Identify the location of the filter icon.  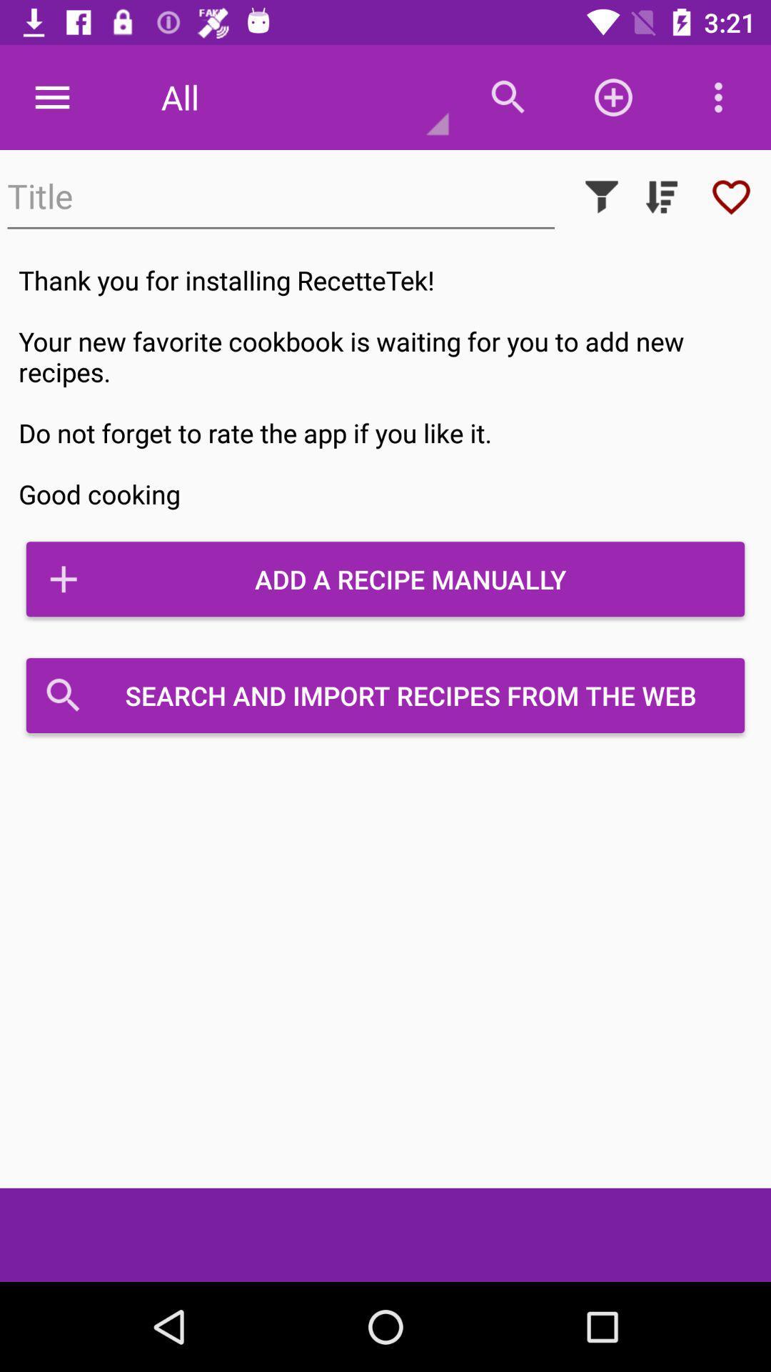
(602, 196).